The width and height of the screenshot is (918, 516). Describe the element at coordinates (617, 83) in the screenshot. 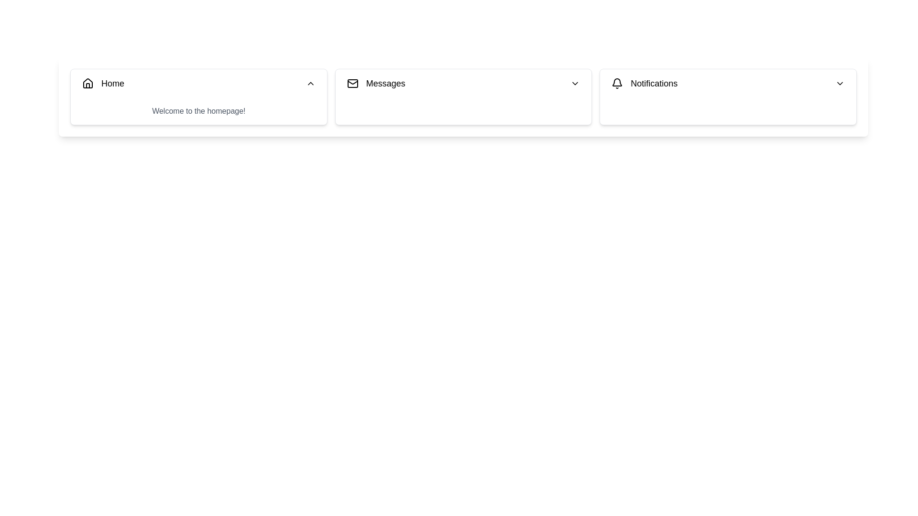

I see `the bell icon for notifications located to the left of the text 'Notifications' in the top right corner of the interface` at that location.